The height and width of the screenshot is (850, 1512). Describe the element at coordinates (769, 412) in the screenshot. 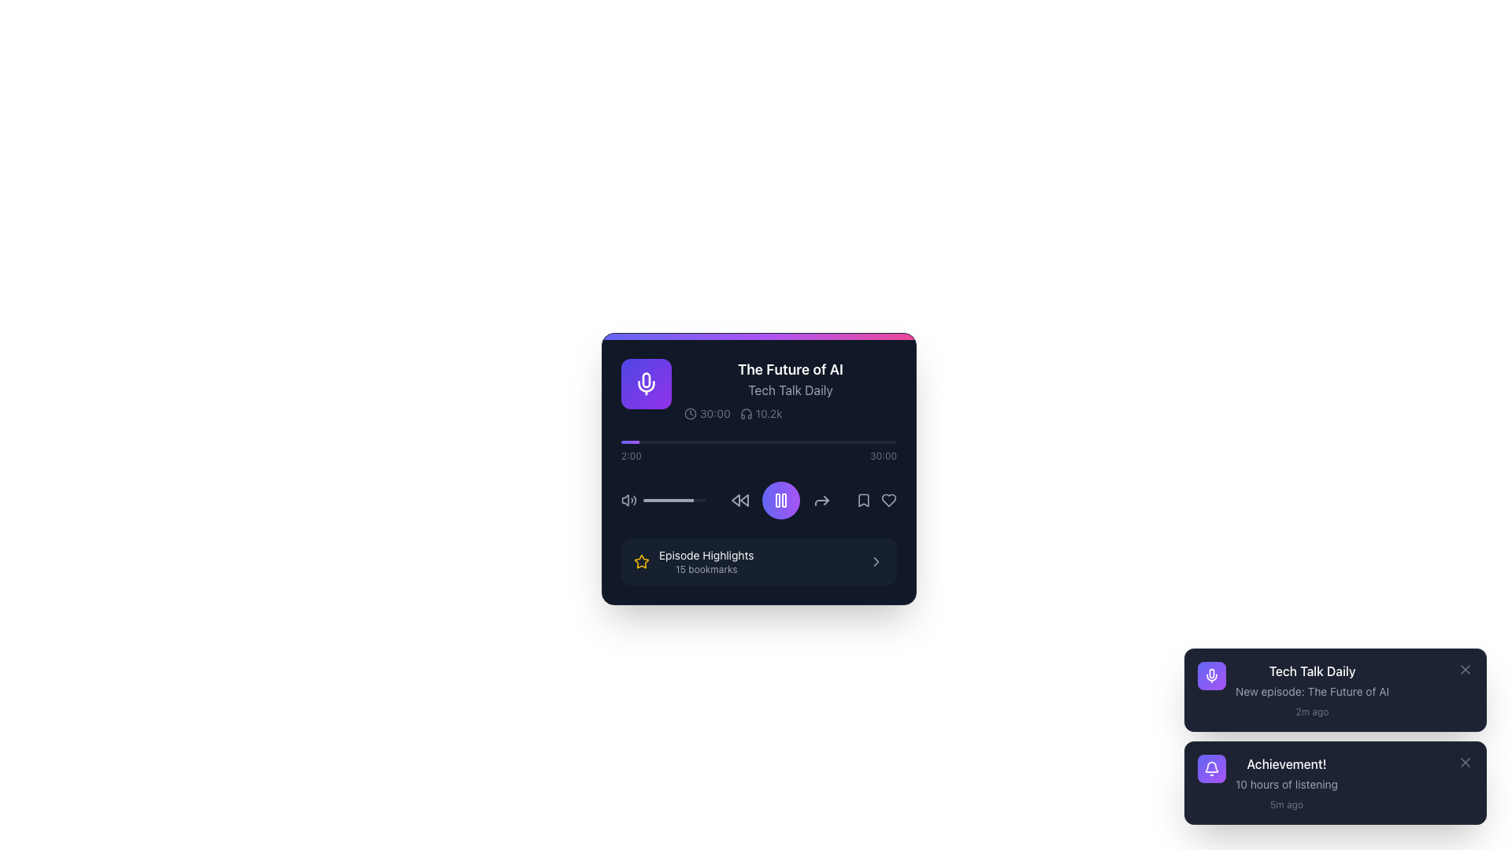

I see `value displayed in the text field showing '10.2k', located to the right of the headphones icon in the dark-themed content card labeled 'The Future of AI'` at that location.